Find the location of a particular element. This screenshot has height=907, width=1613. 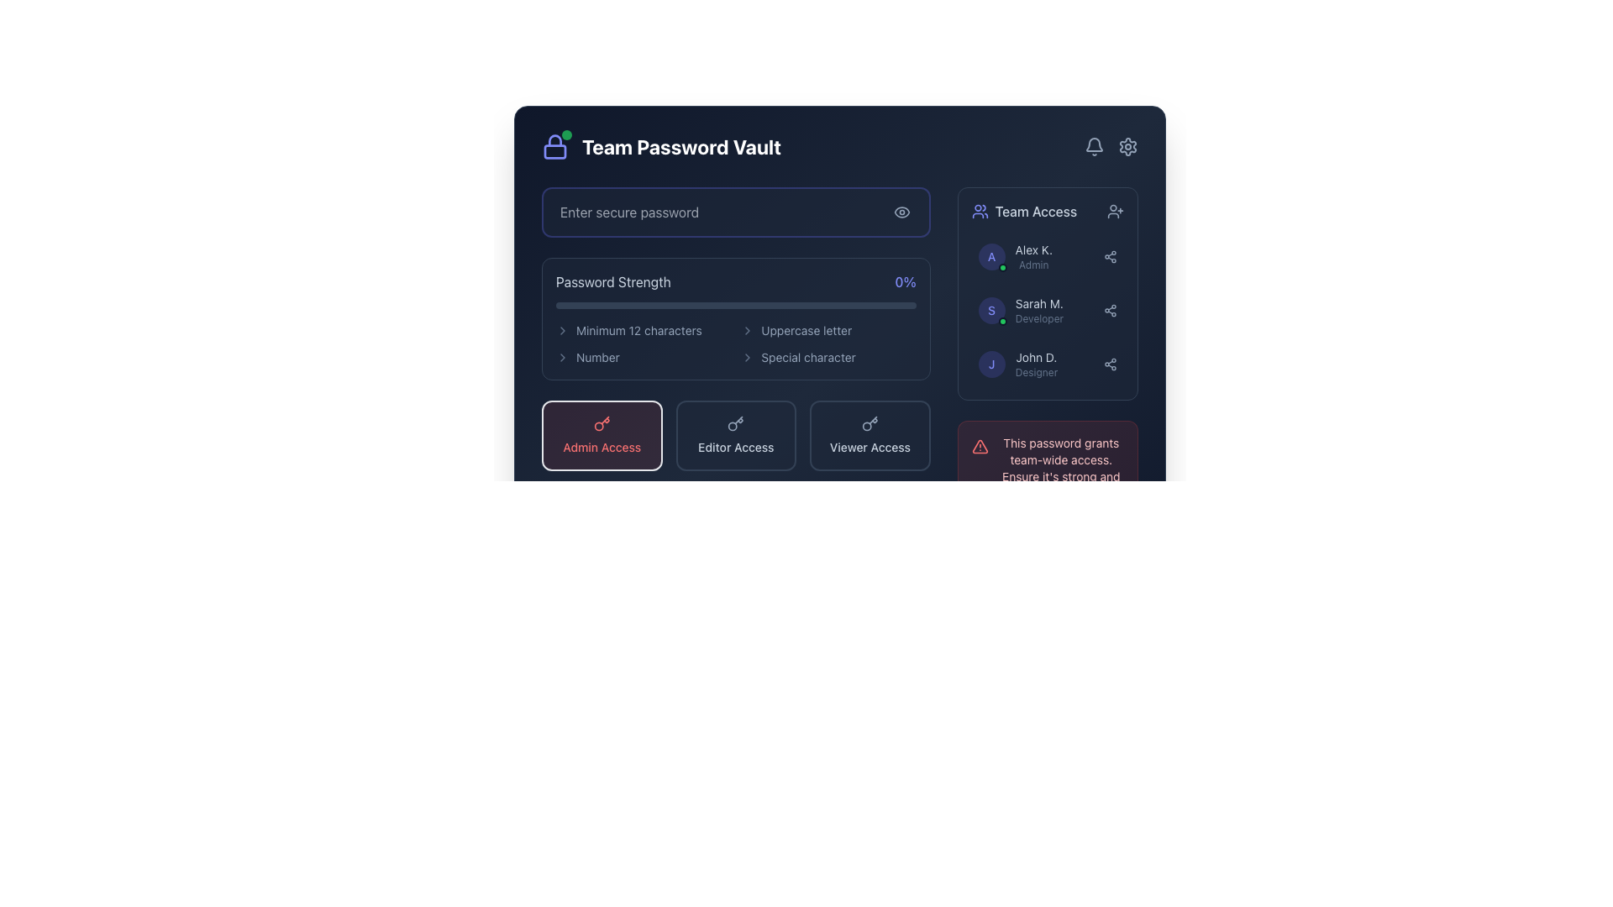

the 'Editor Access' button is located at coordinates (736, 435).